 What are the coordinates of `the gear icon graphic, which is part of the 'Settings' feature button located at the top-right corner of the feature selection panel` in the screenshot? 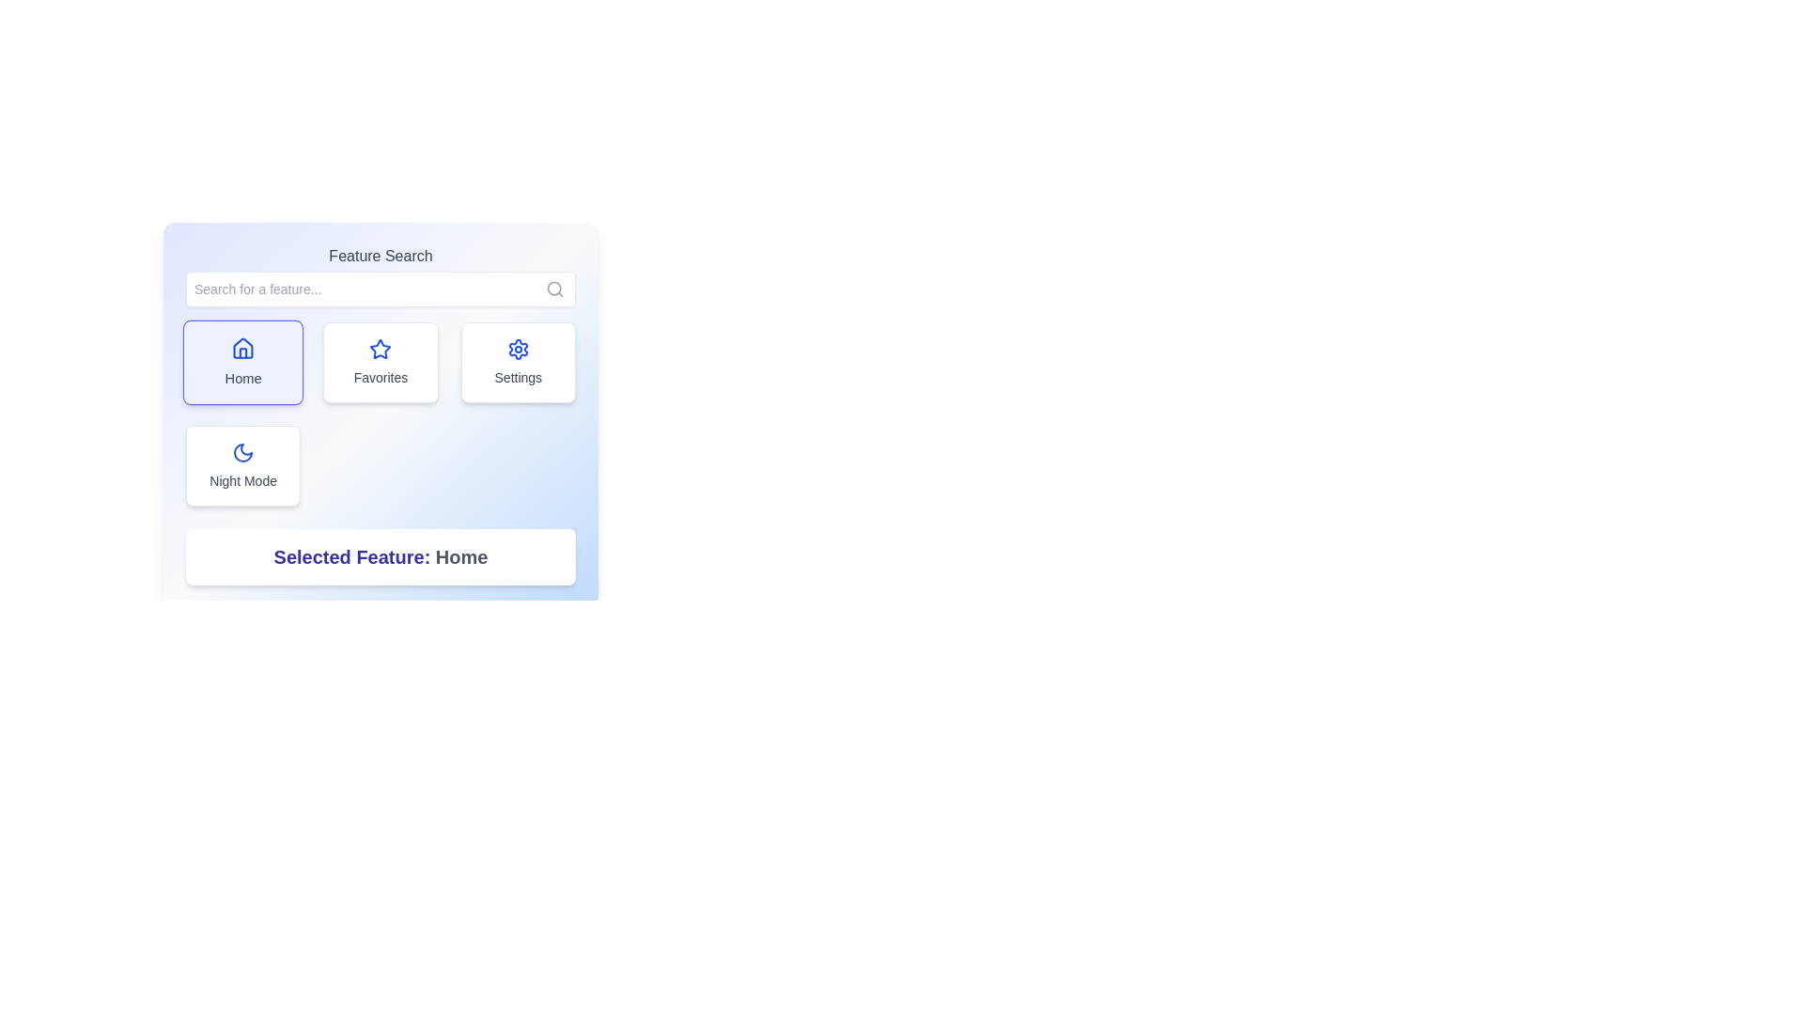 It's located at (518, 349).